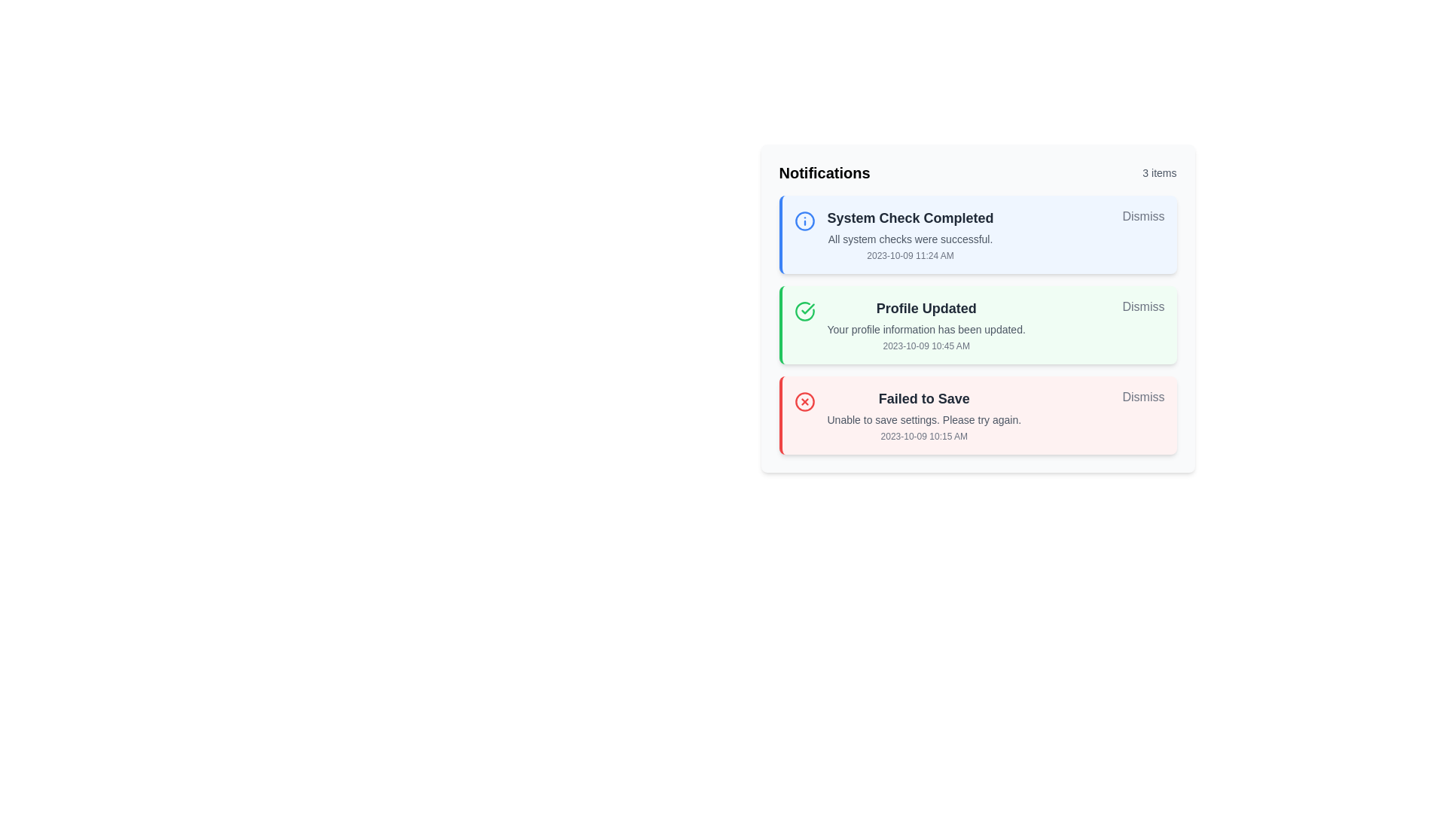 This screenshot has width=1446, height=813. I want to click on informational text block within the third notification card that displays the message 'Failed to Save' along with the details 'Unable to save settings. Please try again.' and the timestamp '2023-10-09 10:15 AM', so click(923, 415).